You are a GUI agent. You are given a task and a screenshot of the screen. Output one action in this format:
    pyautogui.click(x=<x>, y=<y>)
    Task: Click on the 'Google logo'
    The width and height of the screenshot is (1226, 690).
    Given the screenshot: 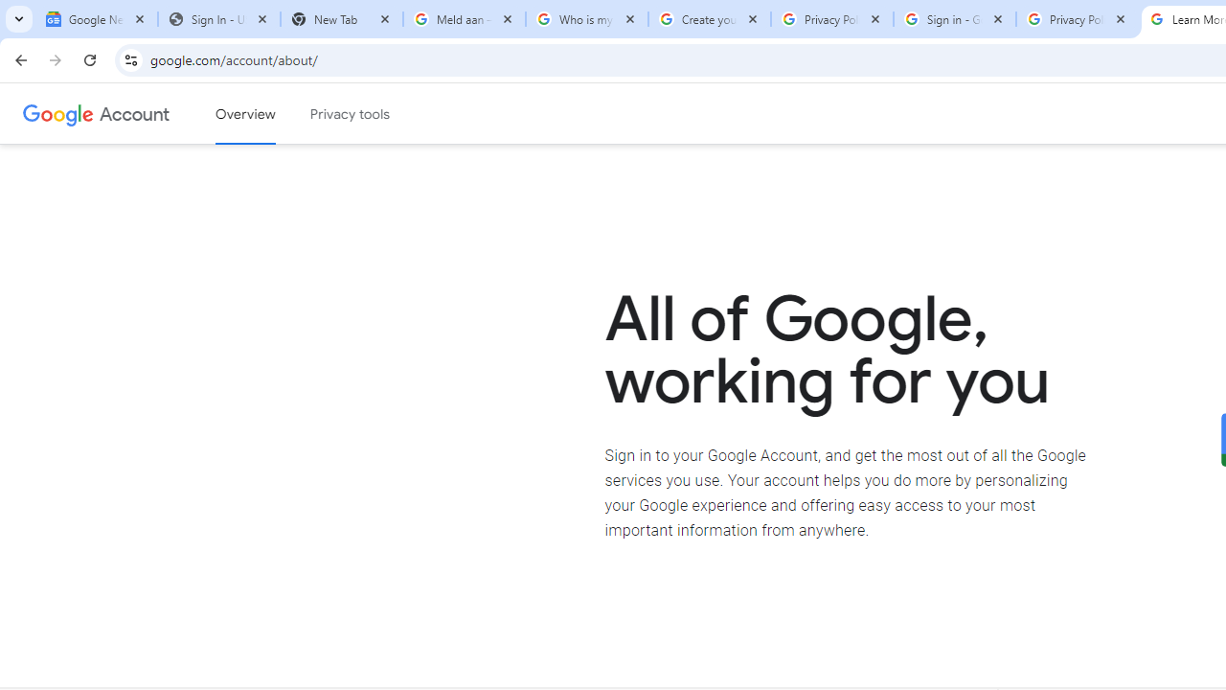 What is the action you would take?
    pyautogui.click(x=58, y=113)
    